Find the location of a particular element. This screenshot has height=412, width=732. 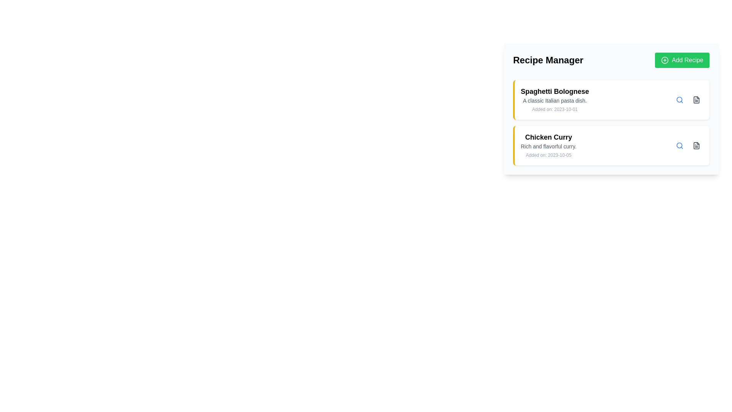

the compact gray file icon next to the 'Spaghetti Bolognese' item in the vertical list is located at coordinates (697, 100).